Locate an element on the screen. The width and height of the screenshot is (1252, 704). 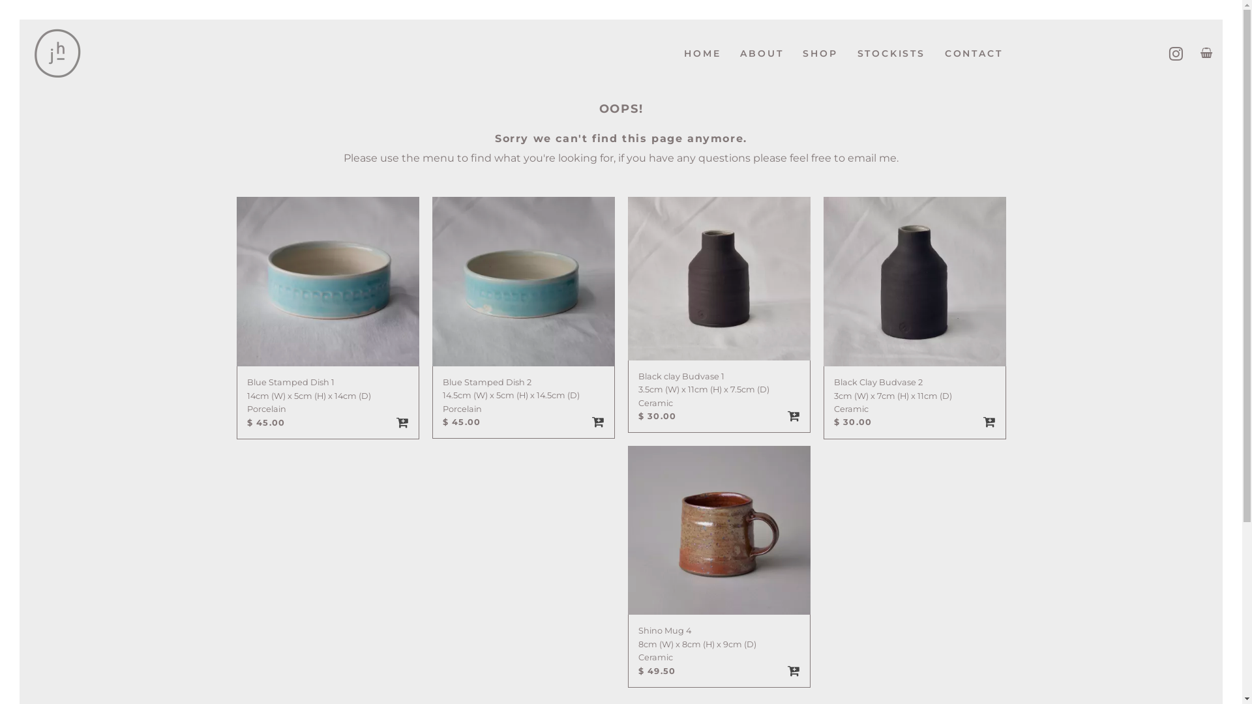
'STOCKISTS' is located at coordinates (891, 53).